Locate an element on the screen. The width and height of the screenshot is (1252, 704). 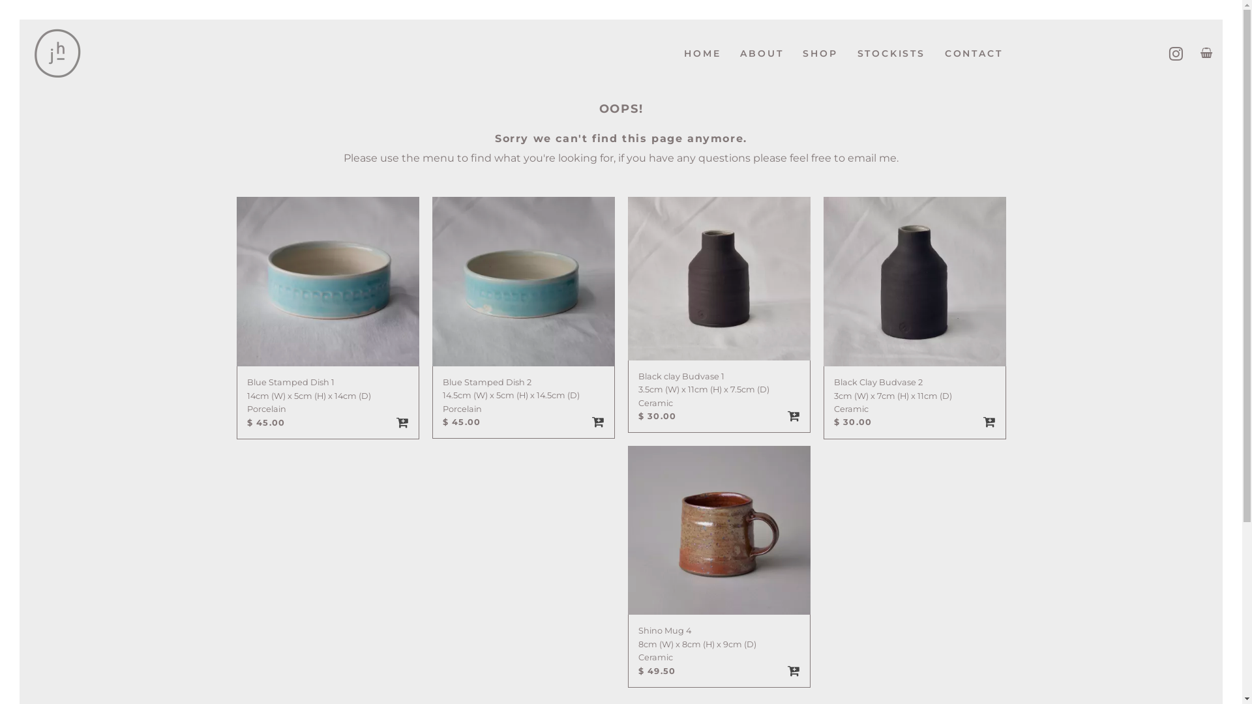
'STOCKISTS' is located at coordinates (891, 53).